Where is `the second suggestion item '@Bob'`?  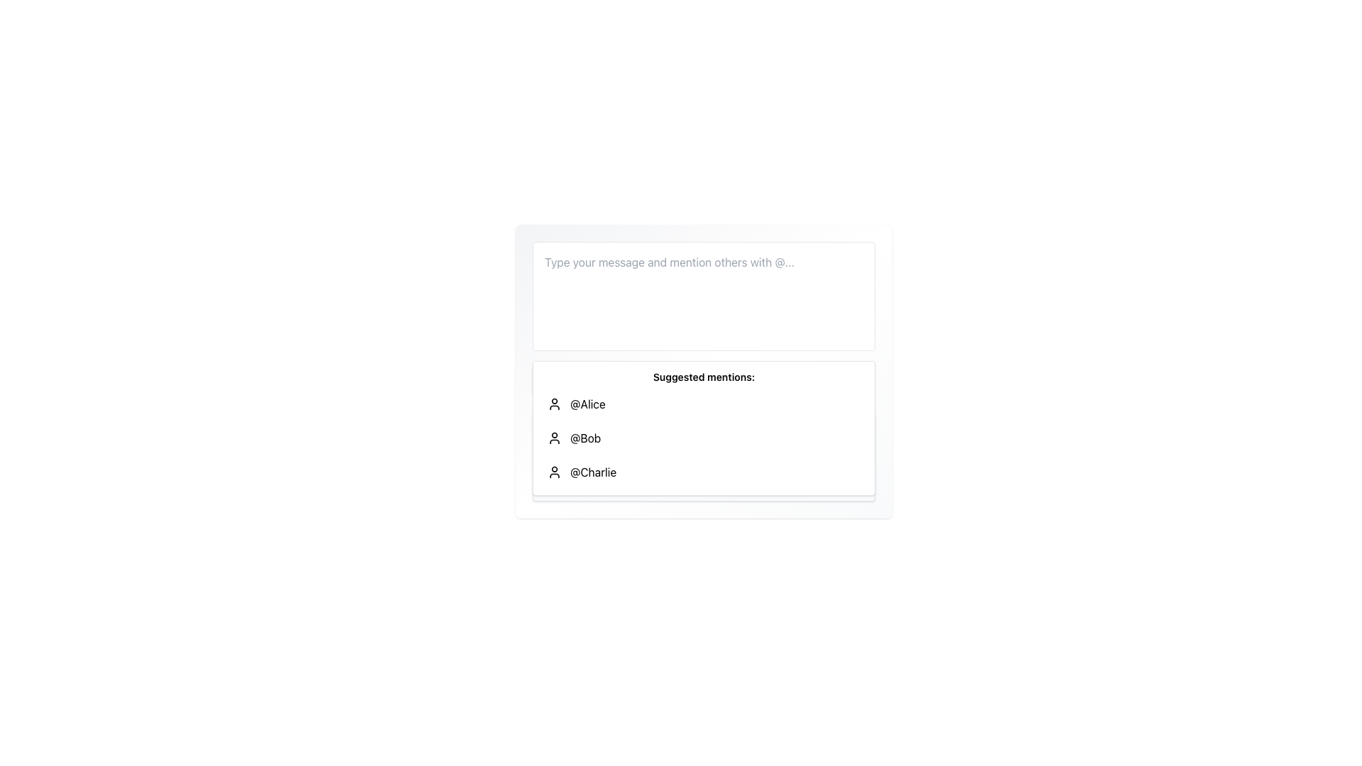
the second suggestion item '@Bob' is located at coordinates (704, 437).